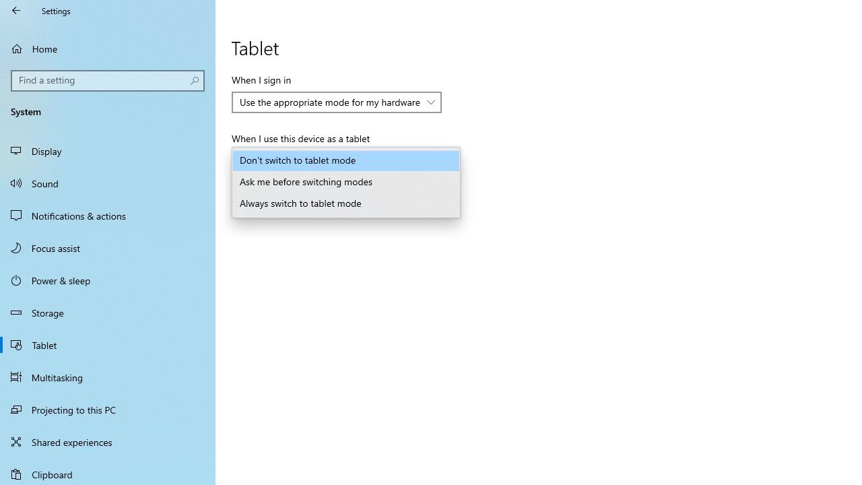  What do you see at coordinates (346, 204) in the screenshot?
I see `'Always switch to tablet mode'` at bounding box center [346, 204].